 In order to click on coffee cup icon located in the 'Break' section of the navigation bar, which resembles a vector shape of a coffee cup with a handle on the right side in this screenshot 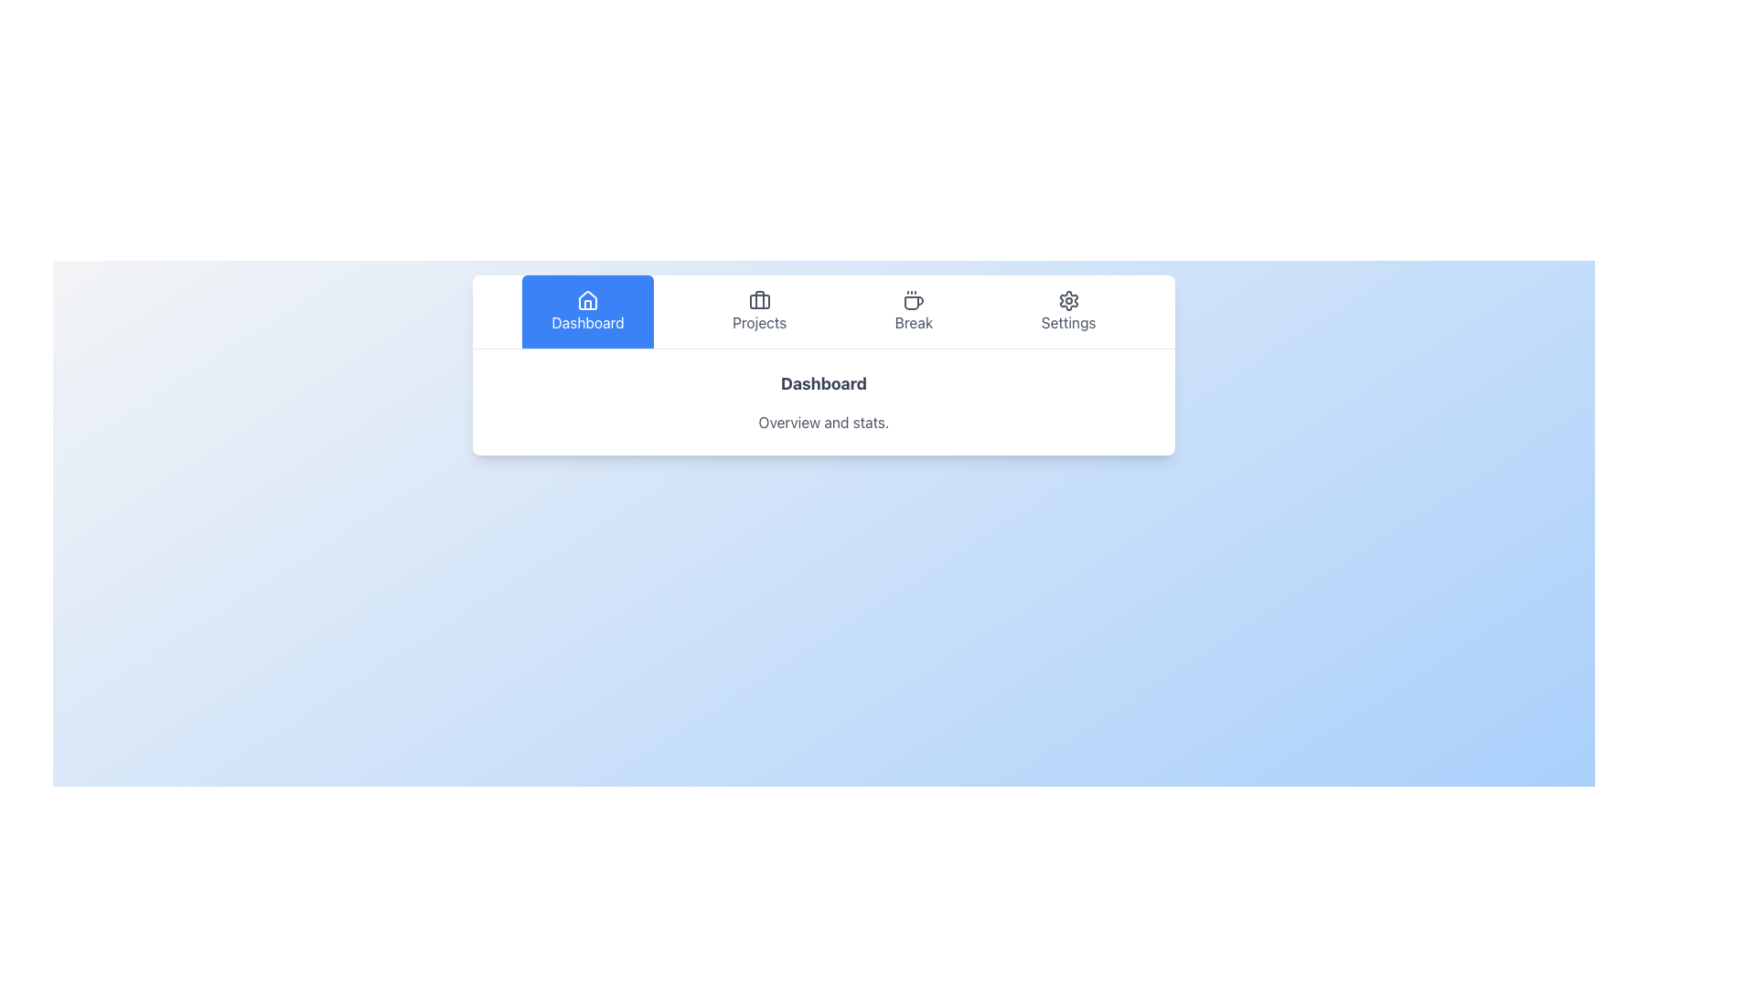, I will do `click(914, 302)`.